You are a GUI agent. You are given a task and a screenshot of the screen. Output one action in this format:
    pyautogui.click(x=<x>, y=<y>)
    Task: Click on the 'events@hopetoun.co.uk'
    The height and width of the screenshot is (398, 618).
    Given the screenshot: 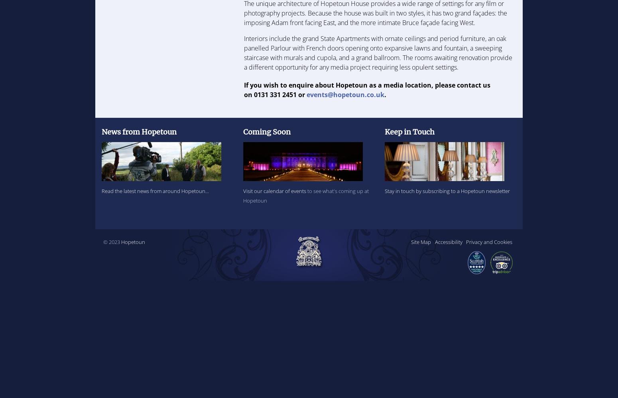 What is the action you would take?
    pyautogui.click(x=345, y=94)
    